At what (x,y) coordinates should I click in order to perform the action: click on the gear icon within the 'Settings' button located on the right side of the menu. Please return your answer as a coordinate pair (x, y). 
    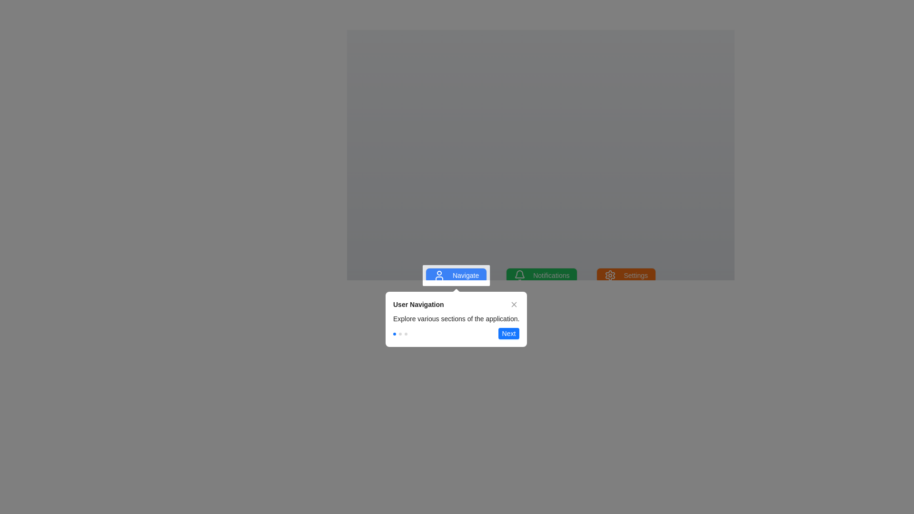
    Looking at the image, I should click on (610, 275).